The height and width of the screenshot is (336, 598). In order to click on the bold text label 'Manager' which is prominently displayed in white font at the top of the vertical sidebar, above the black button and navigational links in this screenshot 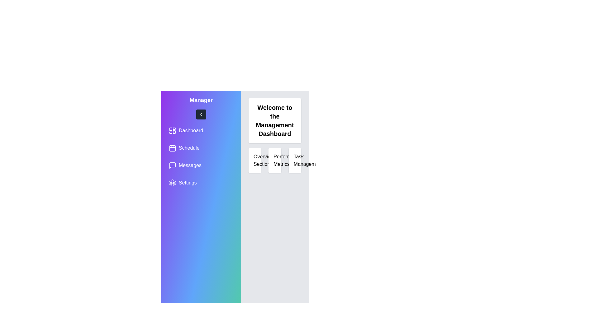, I will do `click(201, 100)`.